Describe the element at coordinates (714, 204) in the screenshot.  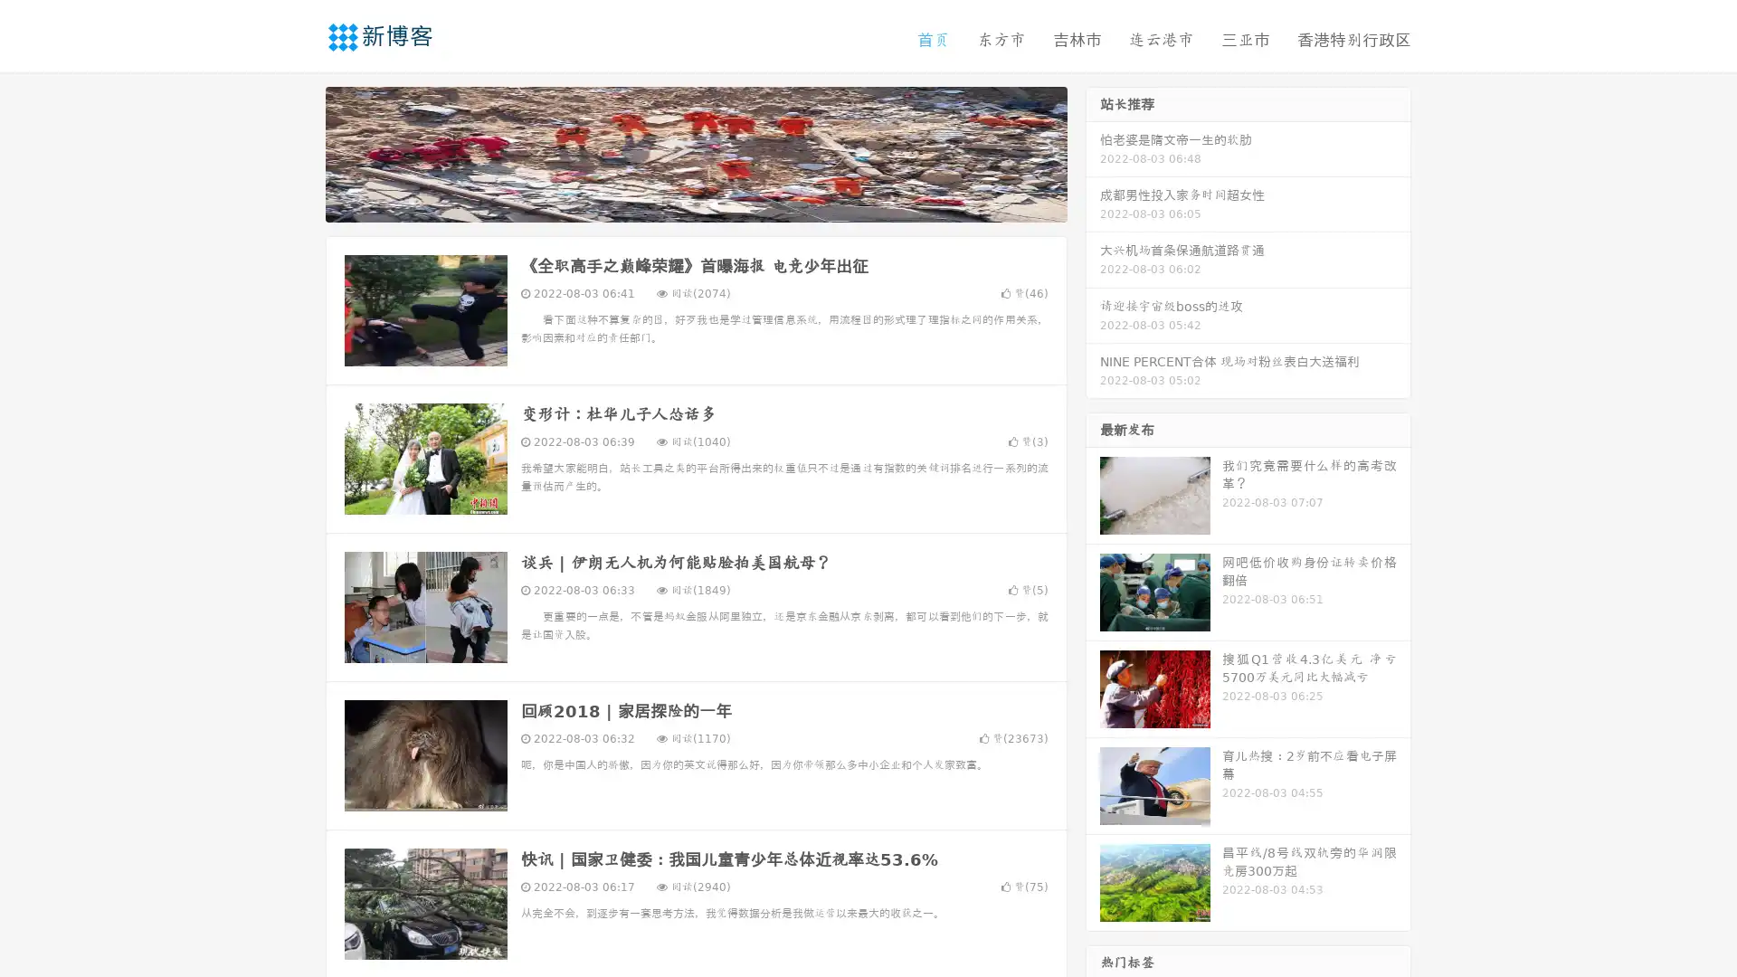
I see `Go to slide 3` at that location.